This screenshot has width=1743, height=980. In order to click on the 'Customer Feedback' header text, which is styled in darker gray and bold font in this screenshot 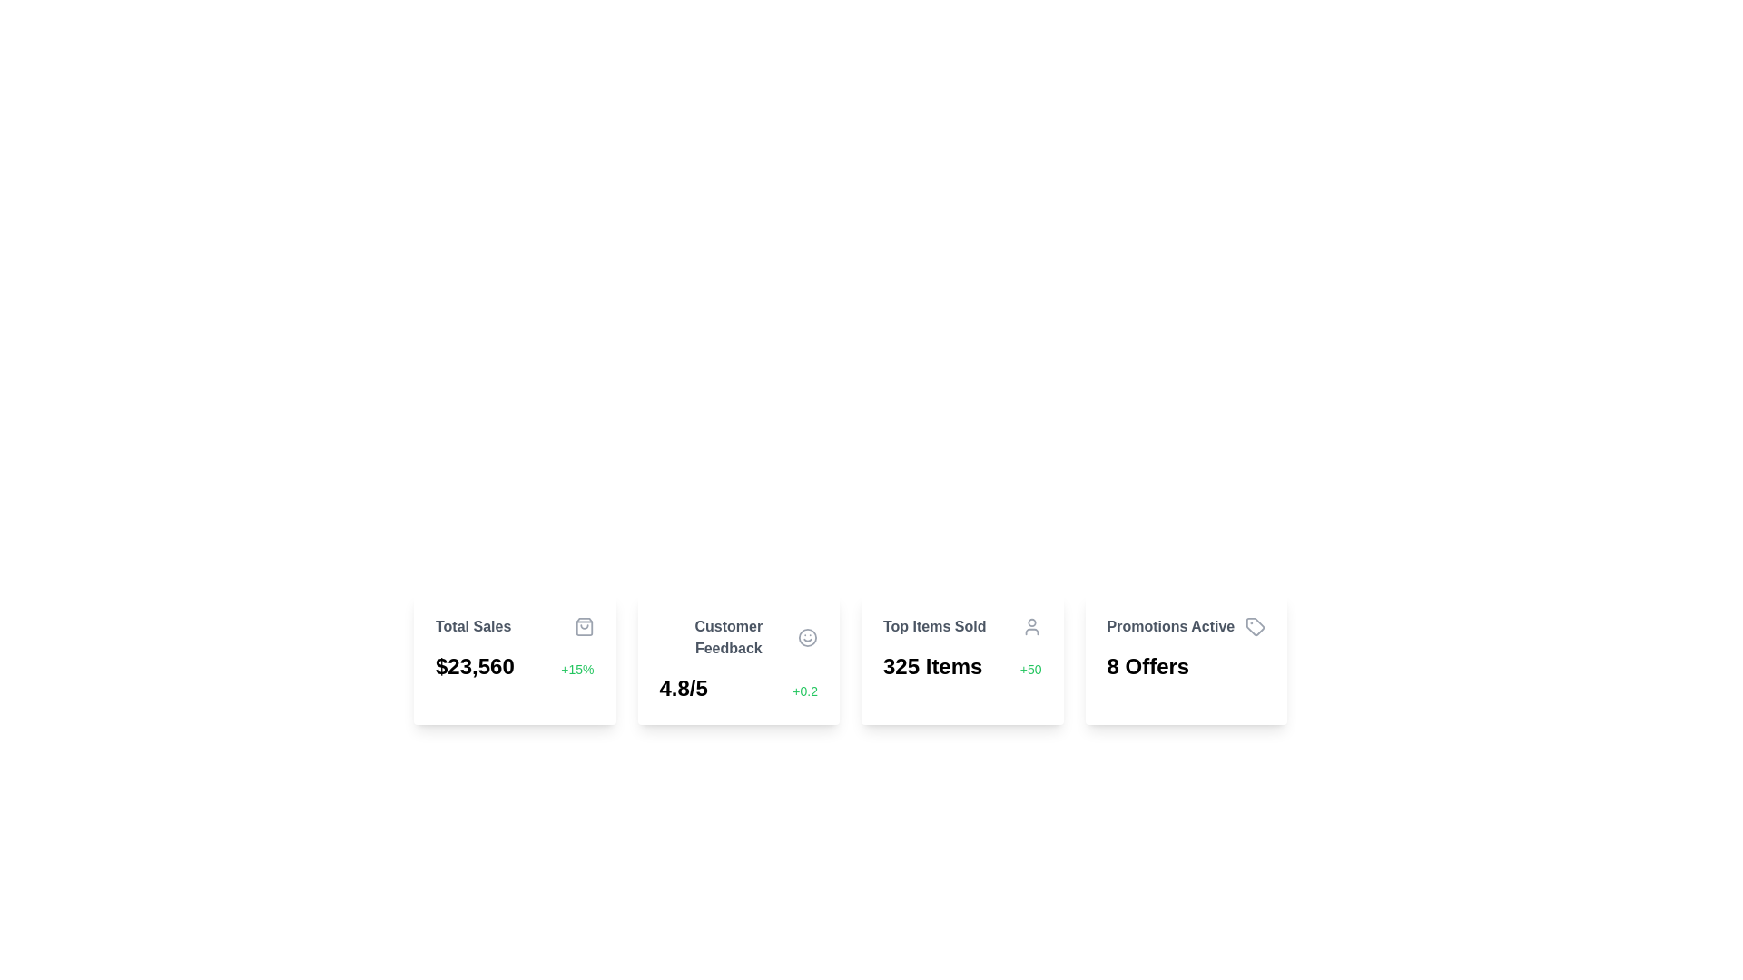, I will do `click(738, 636)`.